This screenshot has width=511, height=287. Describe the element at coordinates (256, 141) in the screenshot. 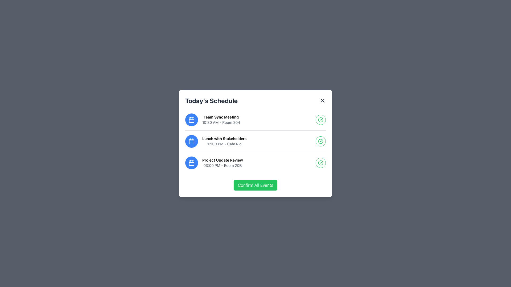

I see `the interactive button associated with the 'Lunch with Stakeholders' event in the scheduled events list under 'Today's Schedule'` at that location.